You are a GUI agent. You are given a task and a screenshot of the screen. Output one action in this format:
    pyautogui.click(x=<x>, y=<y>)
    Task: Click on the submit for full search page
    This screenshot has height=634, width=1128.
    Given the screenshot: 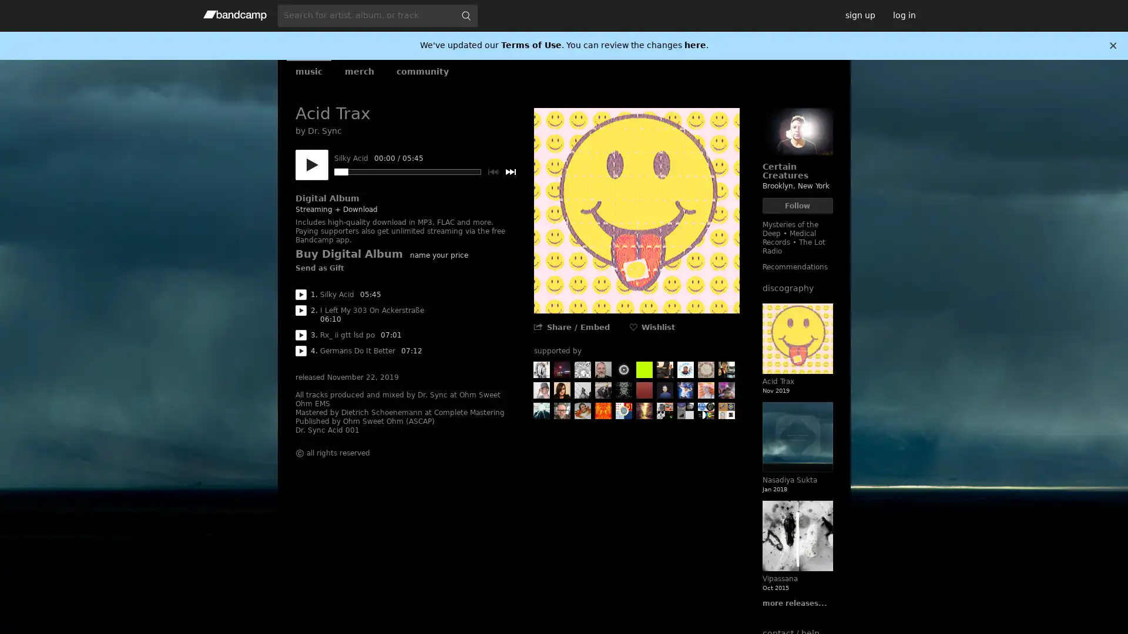 What is the action you would take?
    pyautogui.click(x=465, y=15)
    